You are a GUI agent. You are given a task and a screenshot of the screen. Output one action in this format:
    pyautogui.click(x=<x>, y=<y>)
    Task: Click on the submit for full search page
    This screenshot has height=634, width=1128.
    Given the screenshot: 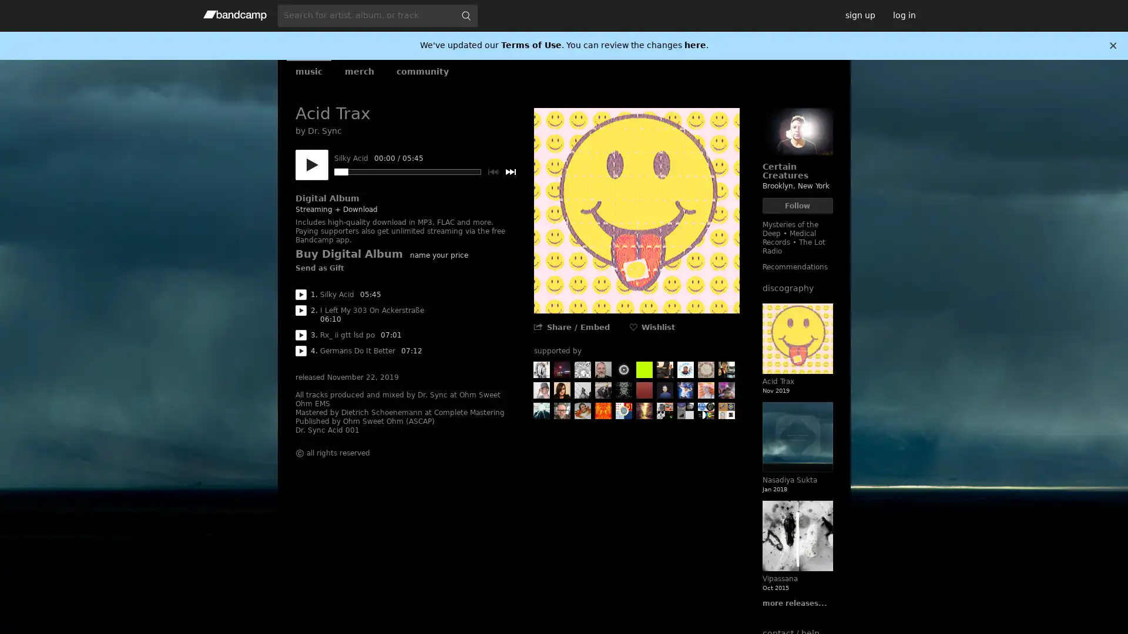 What is the action you would take?
    pyautogui.click(x=465, y=15)
    